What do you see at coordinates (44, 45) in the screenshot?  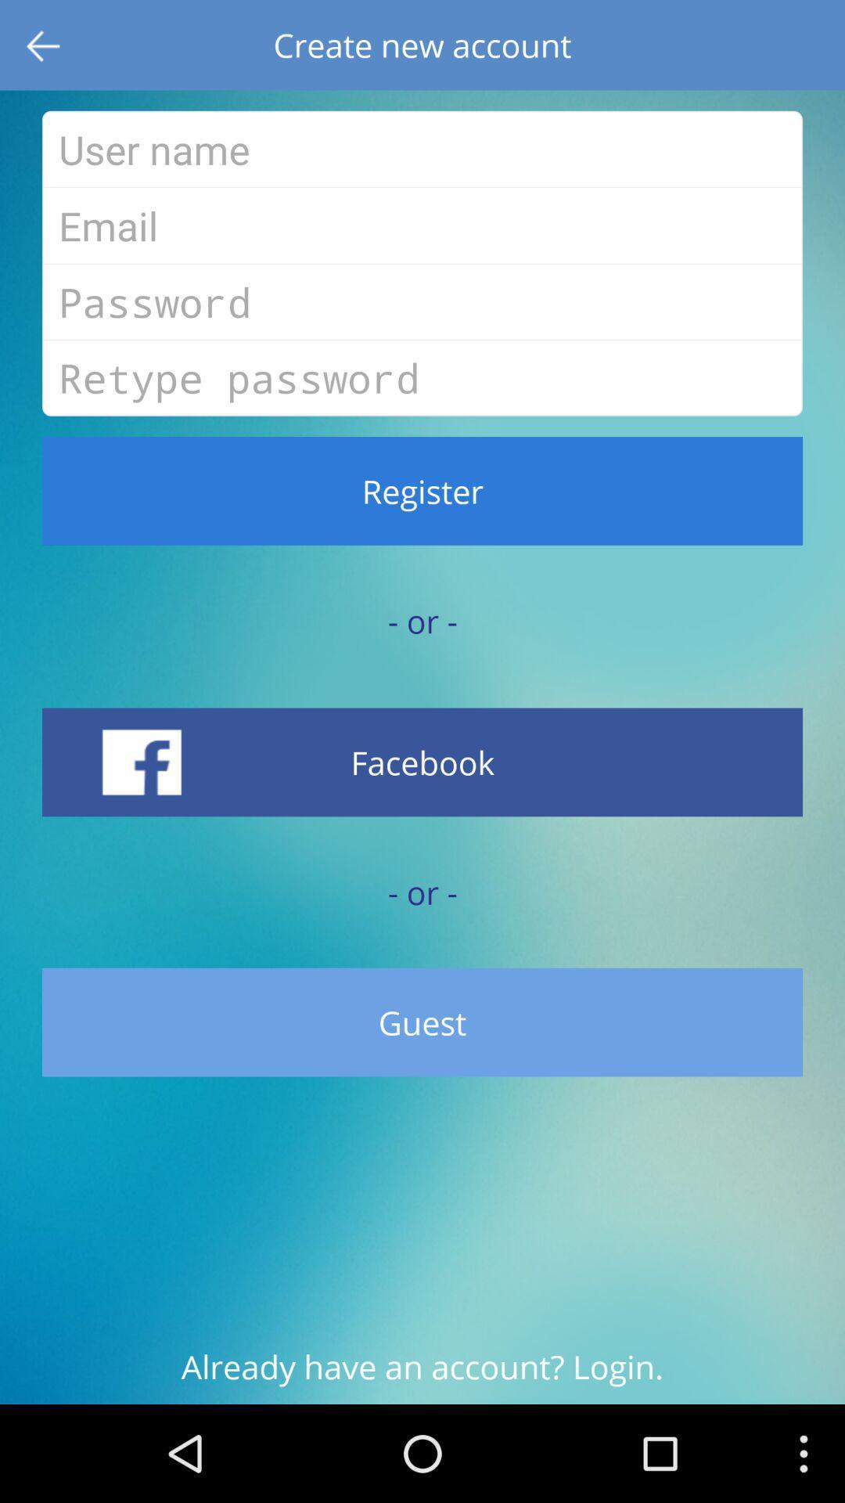 I see `the item next to the create new account` at bounding box center [44, 45].